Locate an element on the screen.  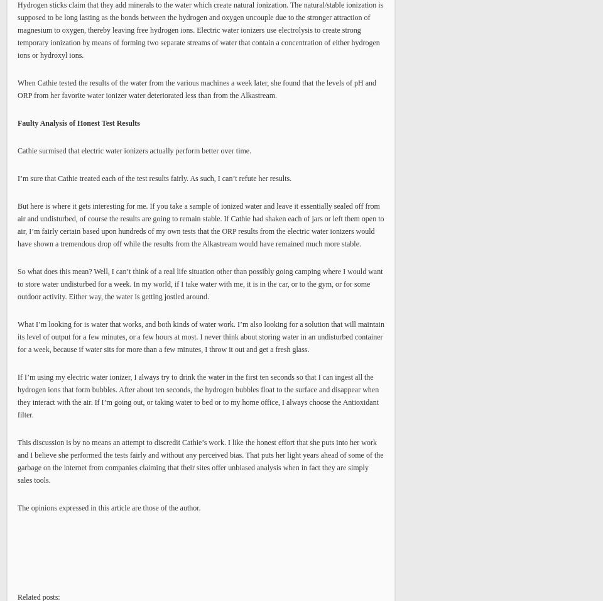
'What I’m looking for is water that works, and both kinds of water work.  I’m also looking for a solution that will maintain its level of output for a few minutes, or a few hours at most.  I never think about storing water in an undisturbed container for a week, because if water sits for more than a few minutes, I throw it out and get a fresh glass.' is located at coordinates (200, 336).